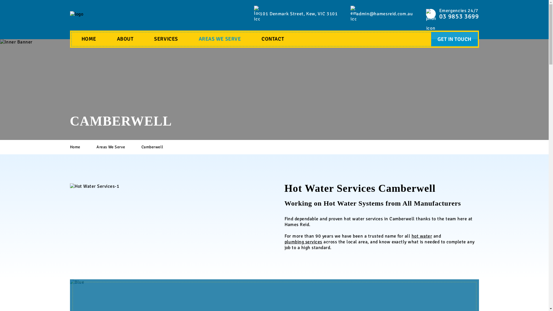 This screenshot has height=311, width=553. I want to click on 'SERVICES', so click(166, 39).